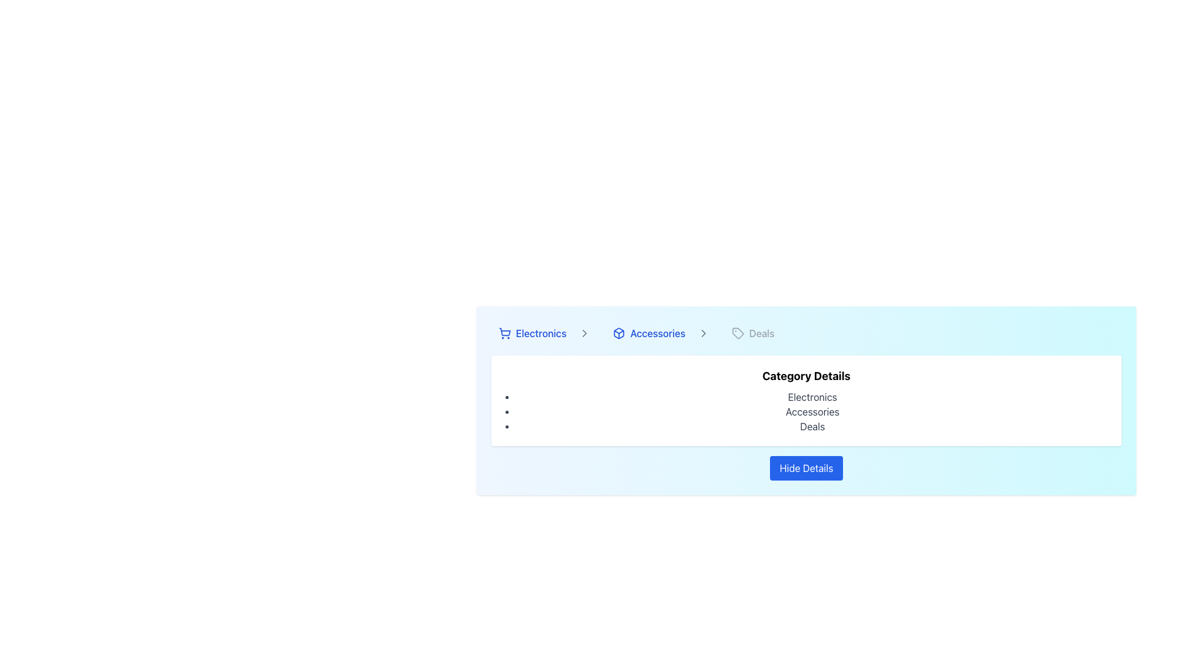 Image resolution: width=1178 pixels, height=662 pixels. What do you see at coordinates (619, 333) in the screenshot?
I see `the blue box icon in the breadcrumb navigation next to the 'Accessories' text` at bounding box center [619, 333].